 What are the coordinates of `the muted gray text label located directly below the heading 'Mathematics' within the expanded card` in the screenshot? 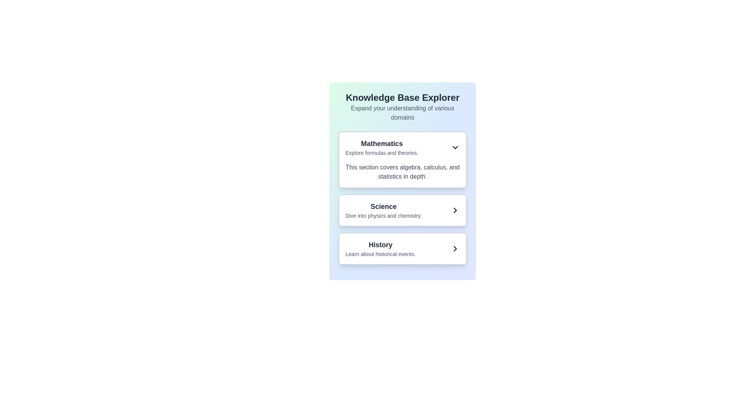 It's located at (402, 171).